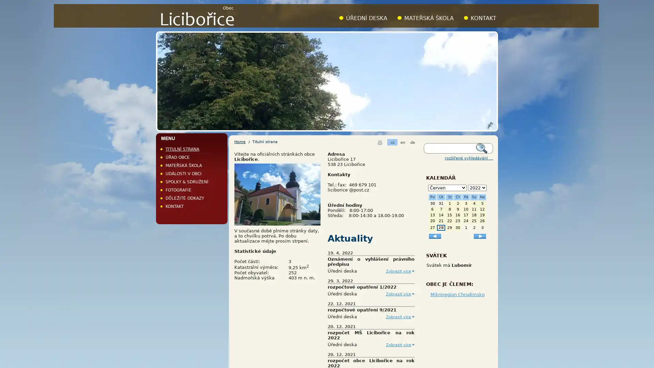  I want to click on Hledat, so click(483, 148).